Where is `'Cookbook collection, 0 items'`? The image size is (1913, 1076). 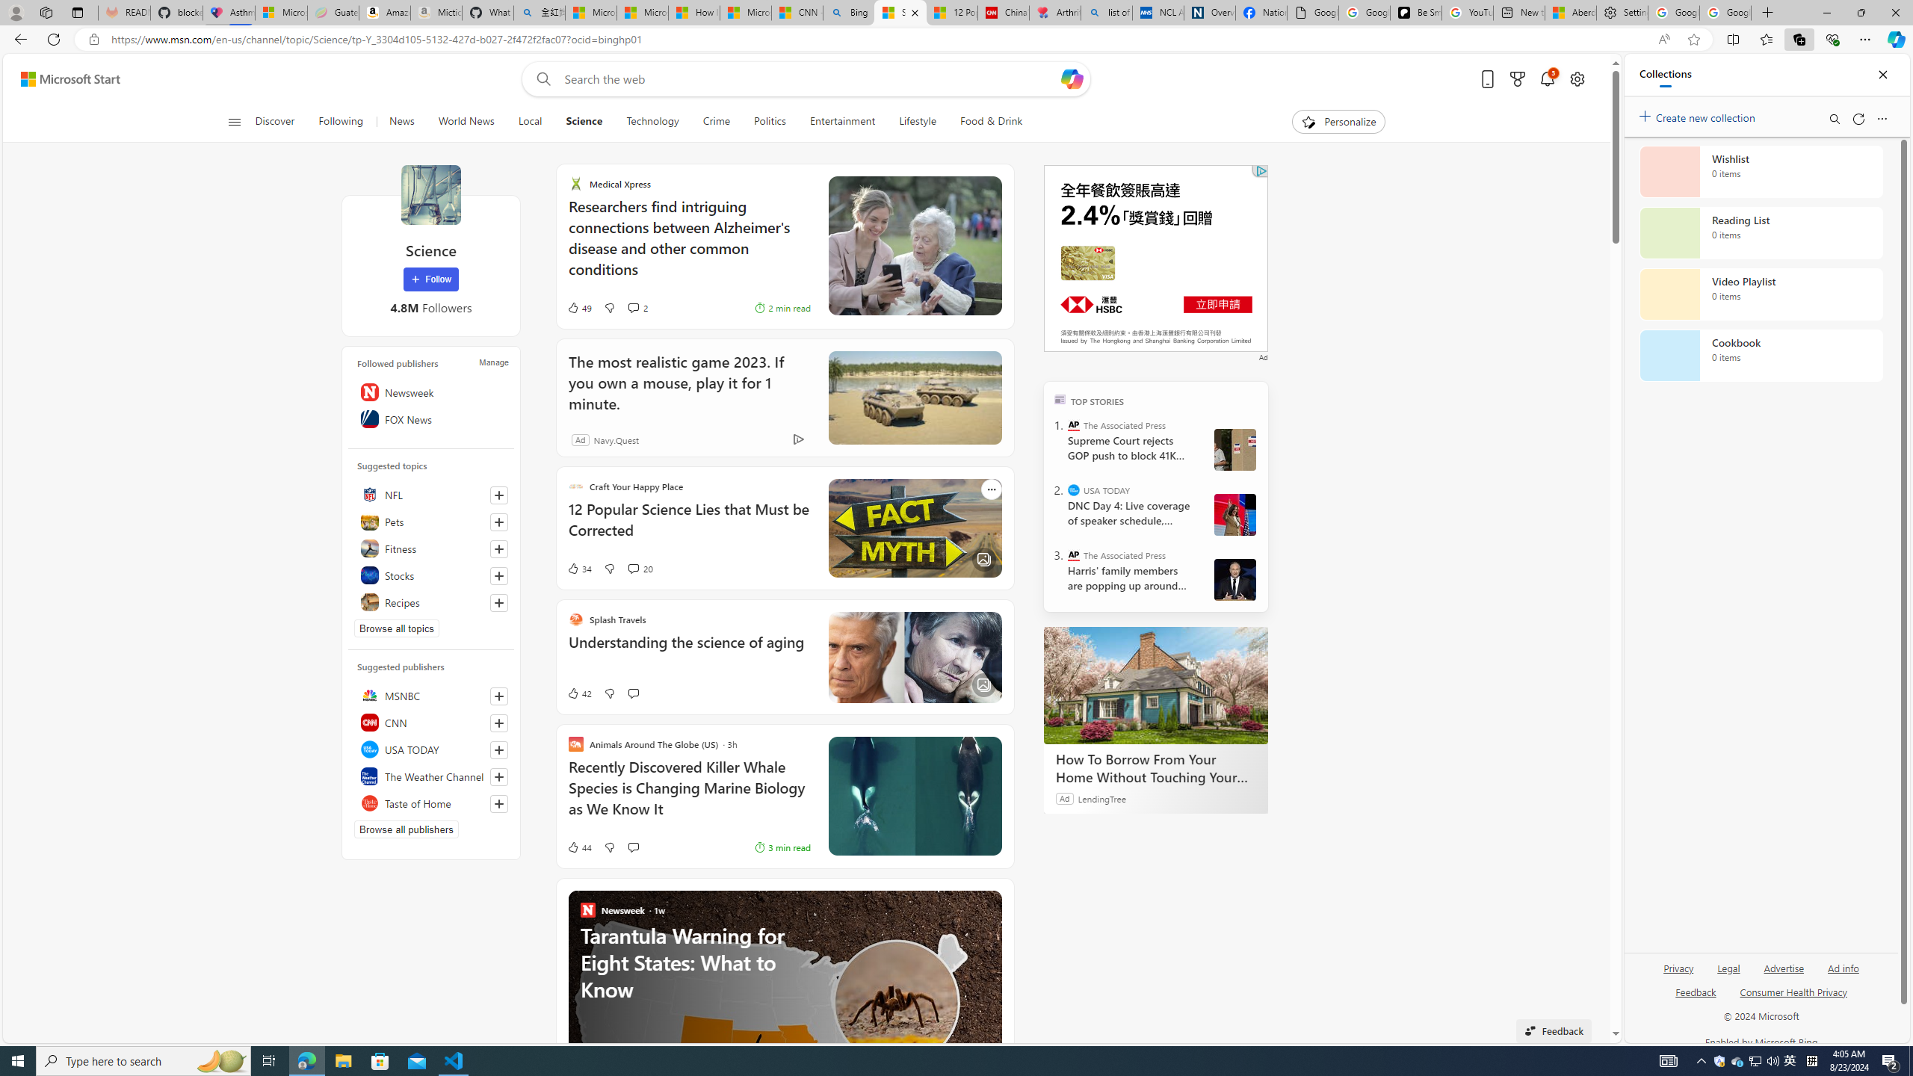
'Cookbook collection, 0 items' is located at coordinates (1761, 354).